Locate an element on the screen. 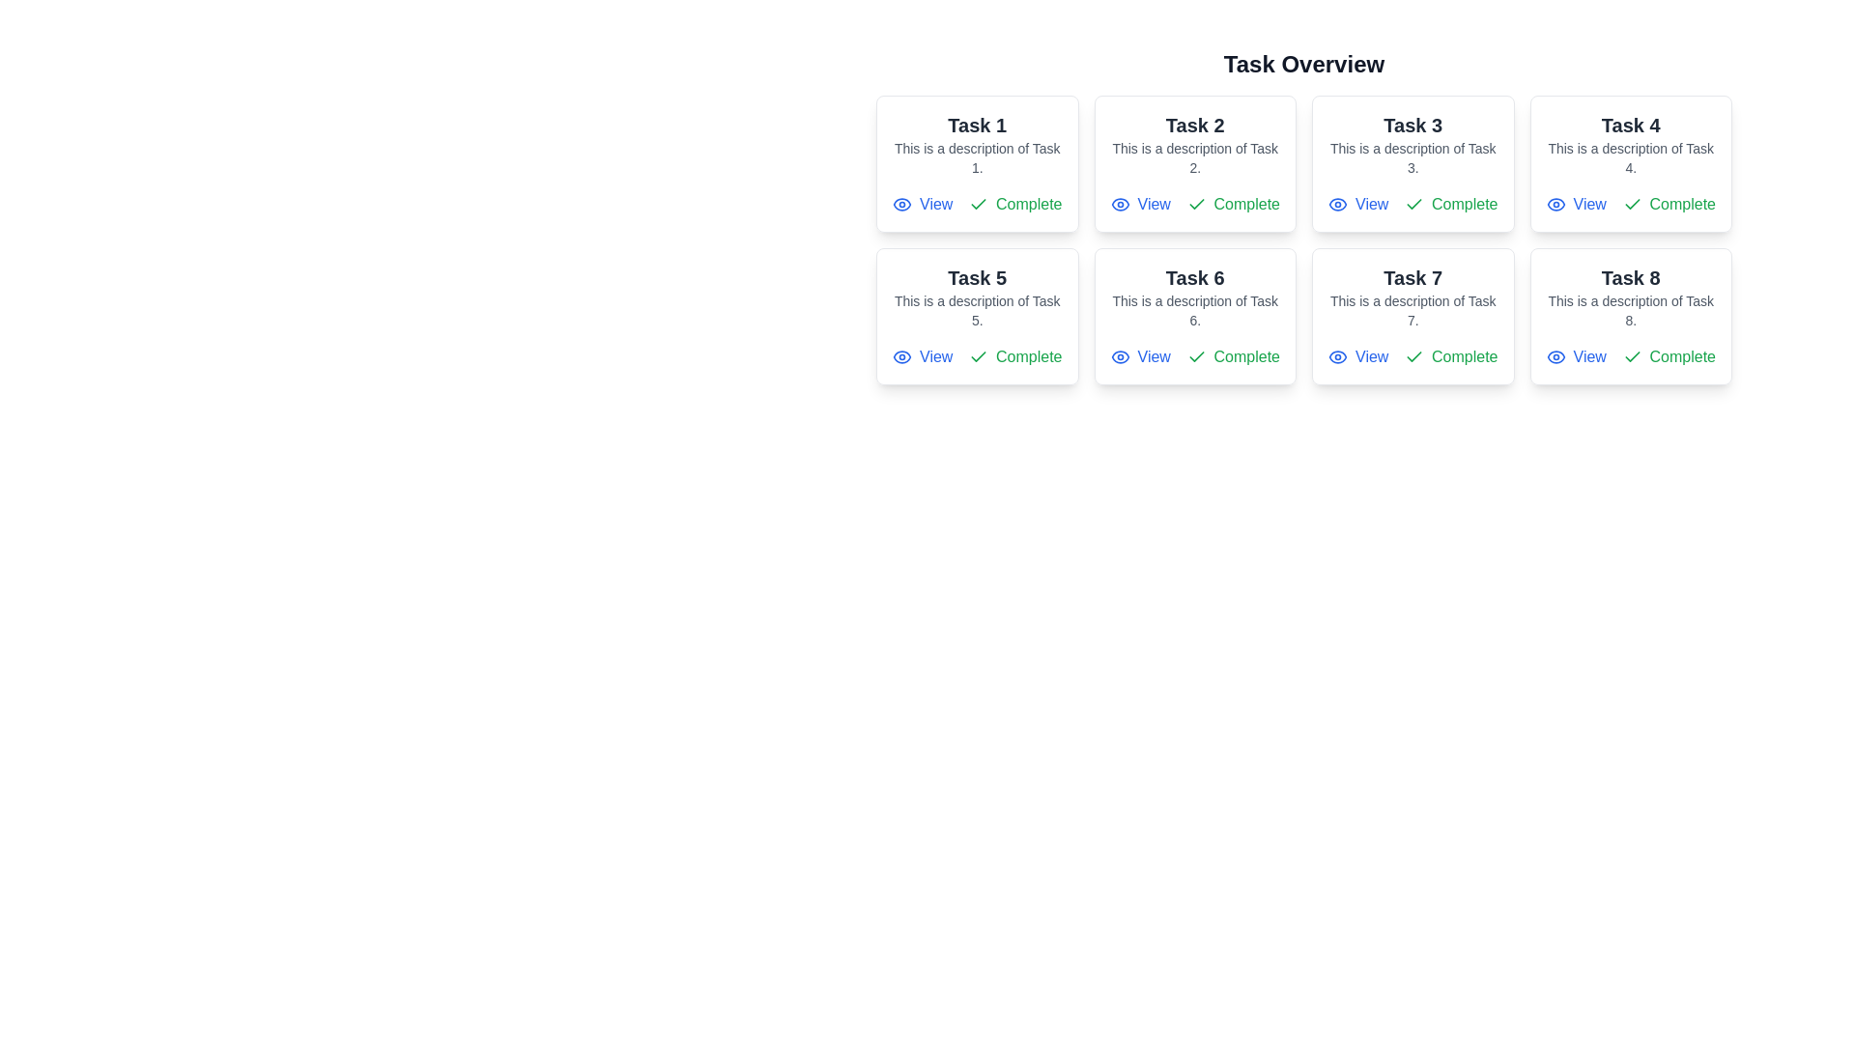 Image resolution: width=1855 pixels, height=1043 pixels. the Button Group containing 'View' and 'Complete' actions, located at the bottom-right corner of the 'Task 3' card is located at coordinates (1413, 205).